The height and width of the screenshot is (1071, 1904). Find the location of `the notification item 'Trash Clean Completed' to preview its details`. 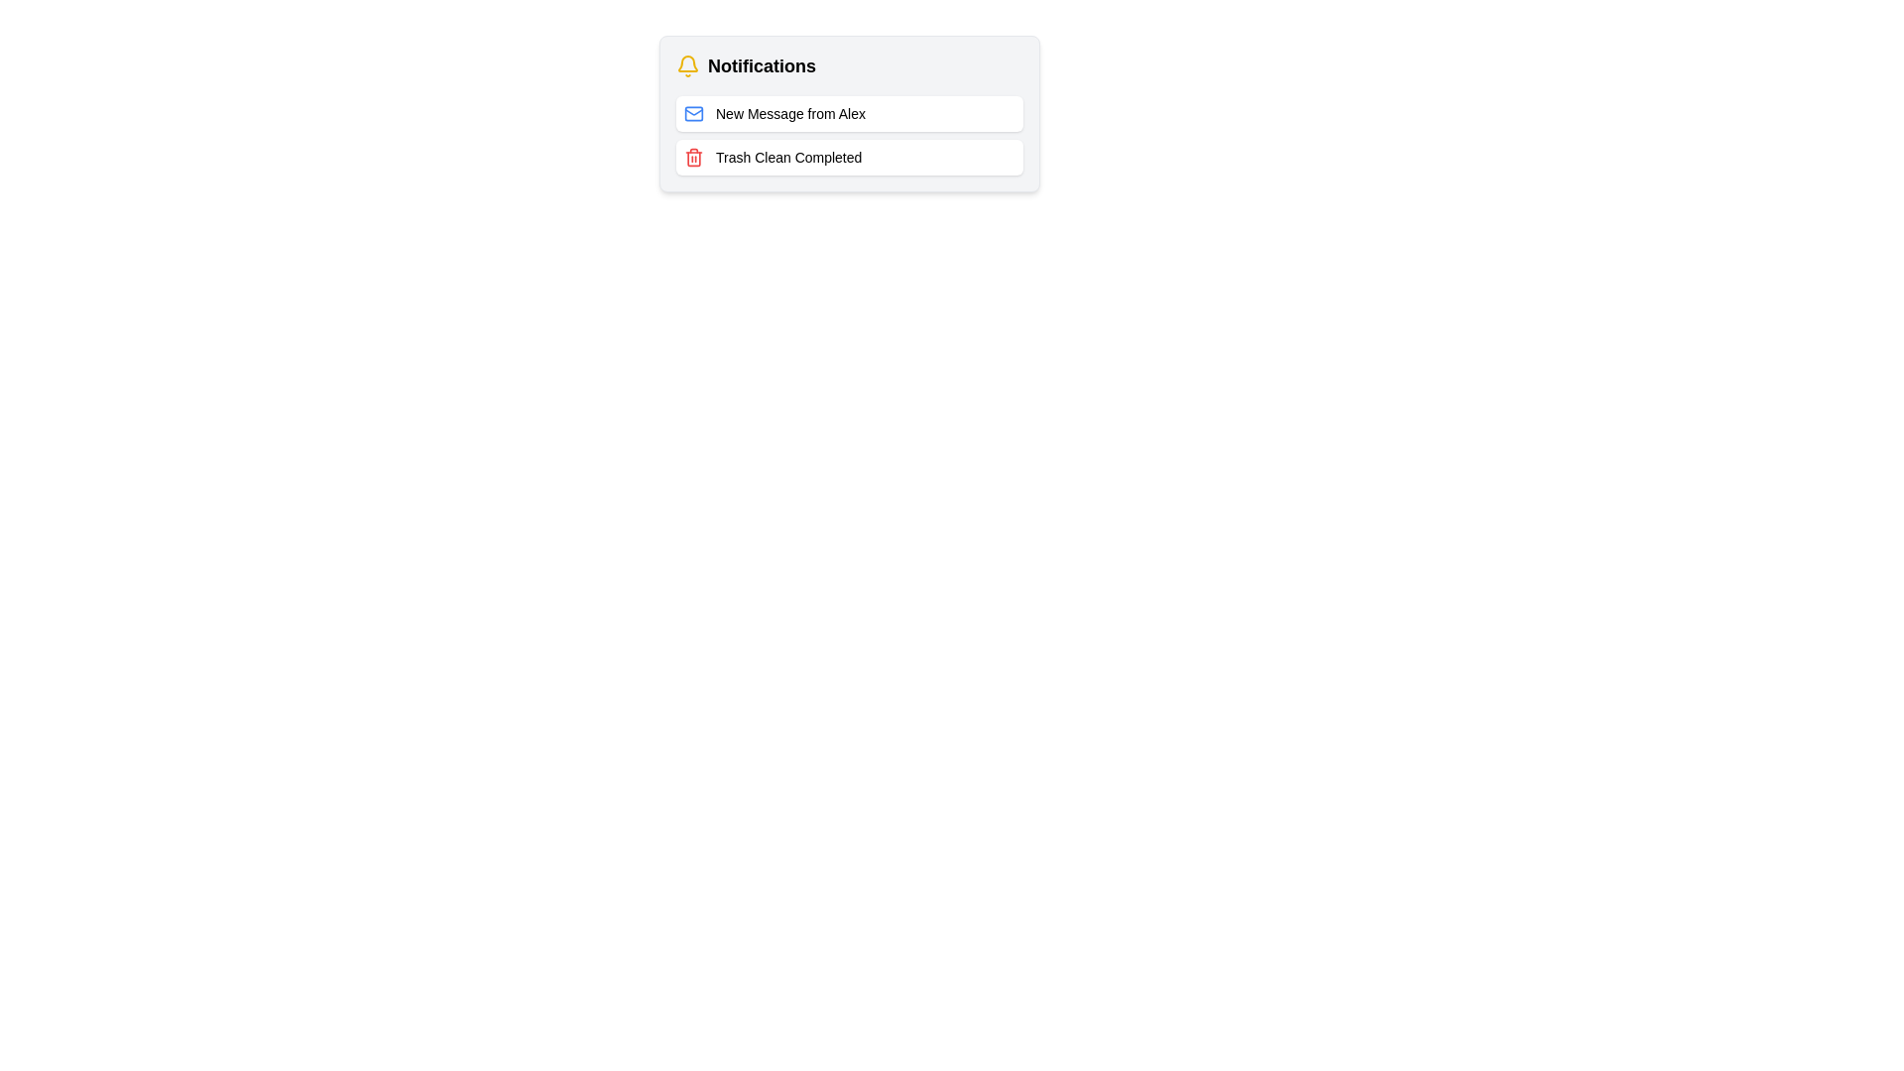

the notification item 'Trash Clean Completed' to preview its details is located at coordinates (850, 156).